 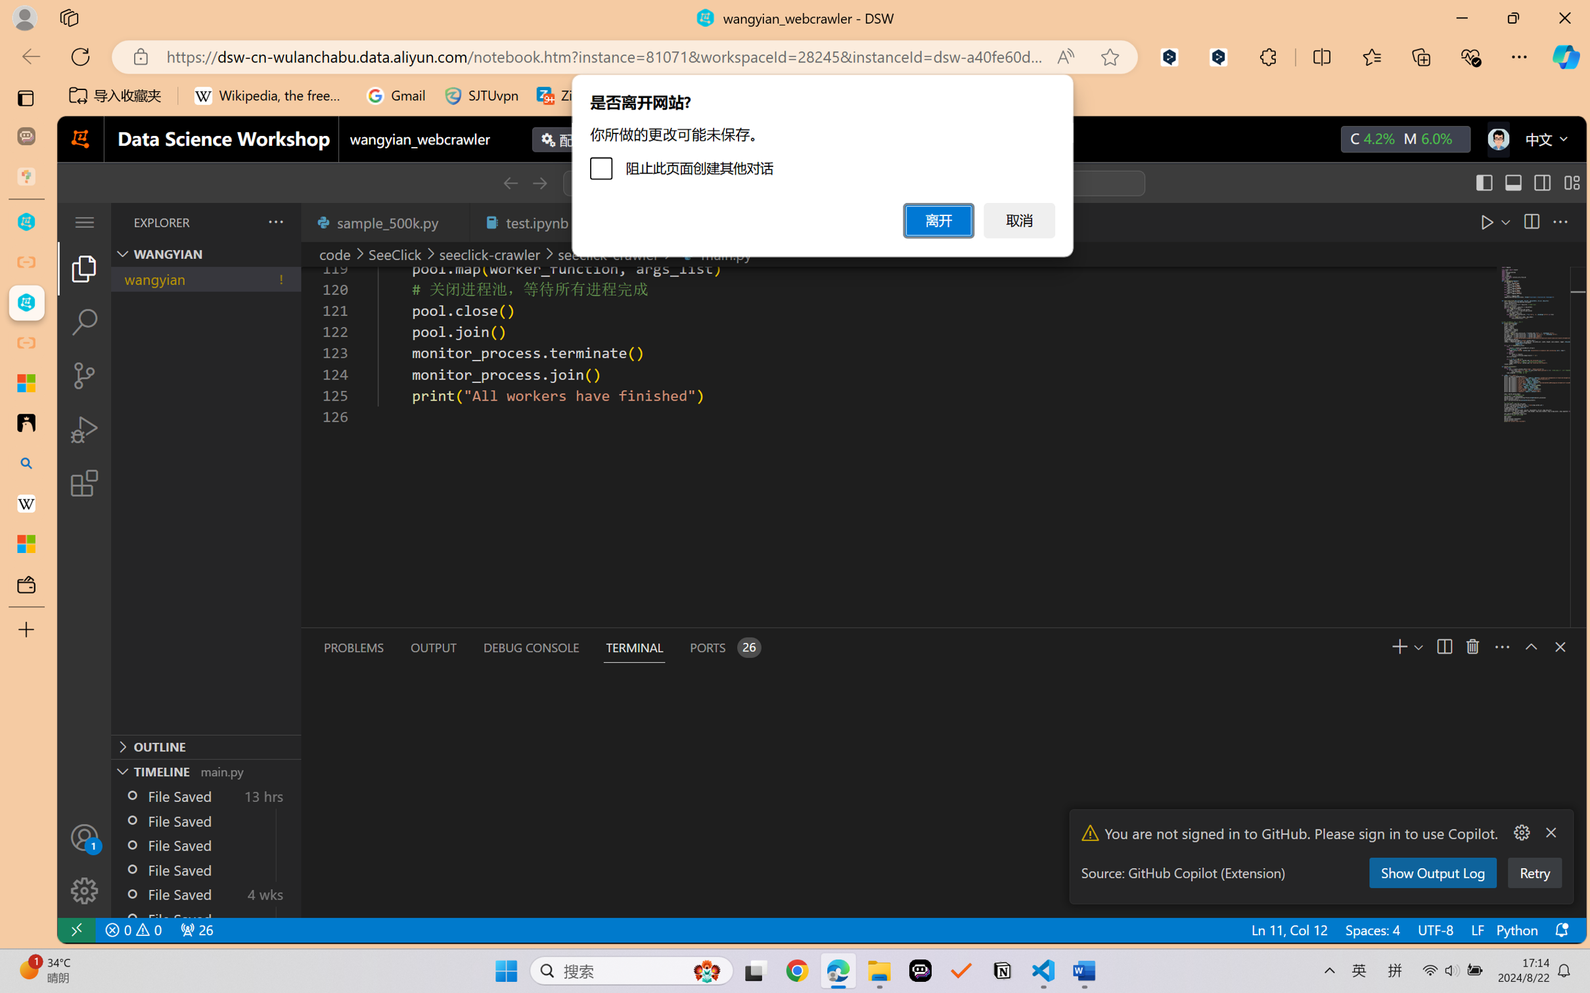 I want to click on 'Accounts - Sign in requested', so click(x=83, y=837).